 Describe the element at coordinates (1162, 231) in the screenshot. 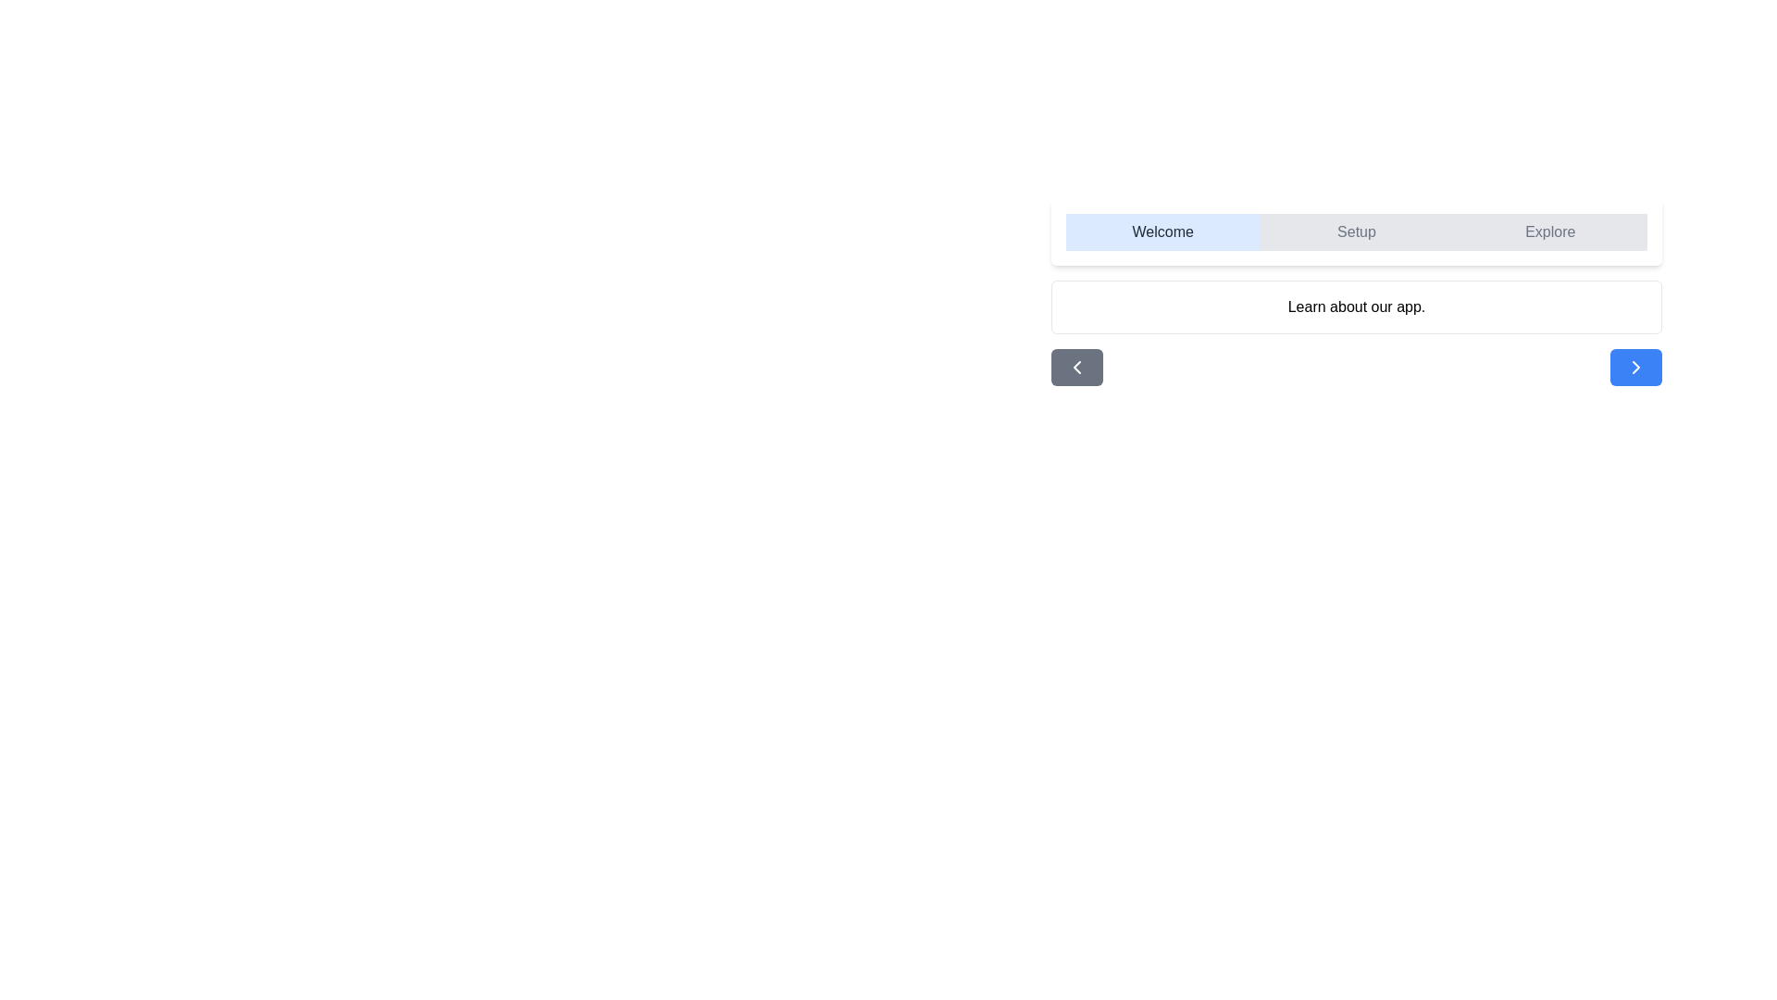

I see `the step indicator labeled 'Welcome' to navigate to that step` at that location.